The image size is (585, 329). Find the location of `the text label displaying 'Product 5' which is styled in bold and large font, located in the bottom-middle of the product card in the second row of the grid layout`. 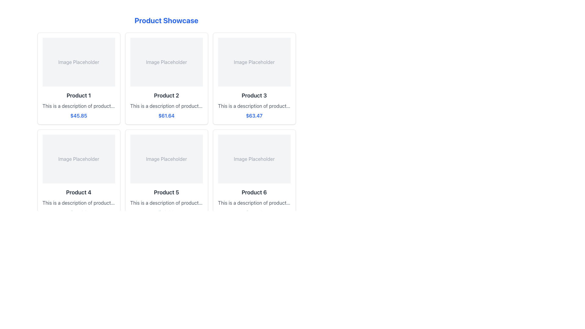

the text label displaying 'Product 5' which is styled in bold and large font, located in the bottom-middle of the product card in the second row of the grid layout is located at coordinates (166, 193).